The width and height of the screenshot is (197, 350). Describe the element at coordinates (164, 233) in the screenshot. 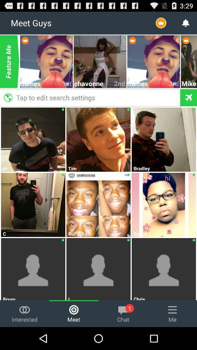

I see `reece` at that location.